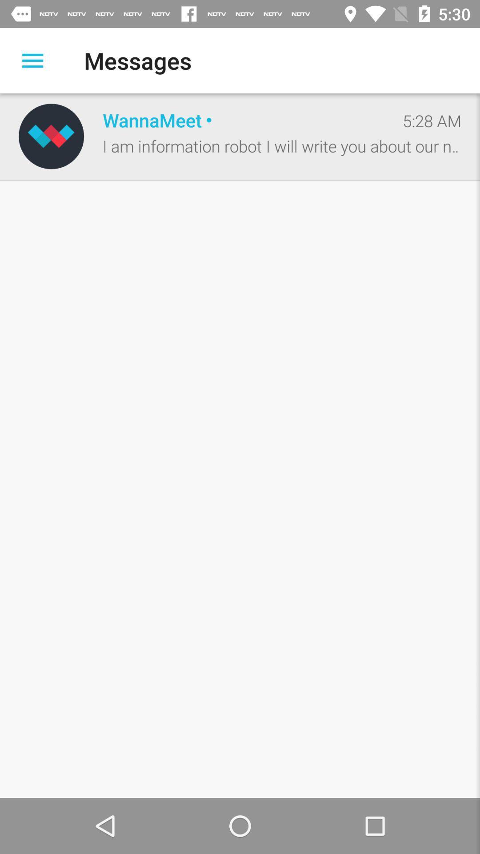 The height and width of the screenshot is (854, 480). What do you see at coordinates (51, 136) in the screenshot?
I see `the item next to the wannameet   item` at bounding box center [51, 136].